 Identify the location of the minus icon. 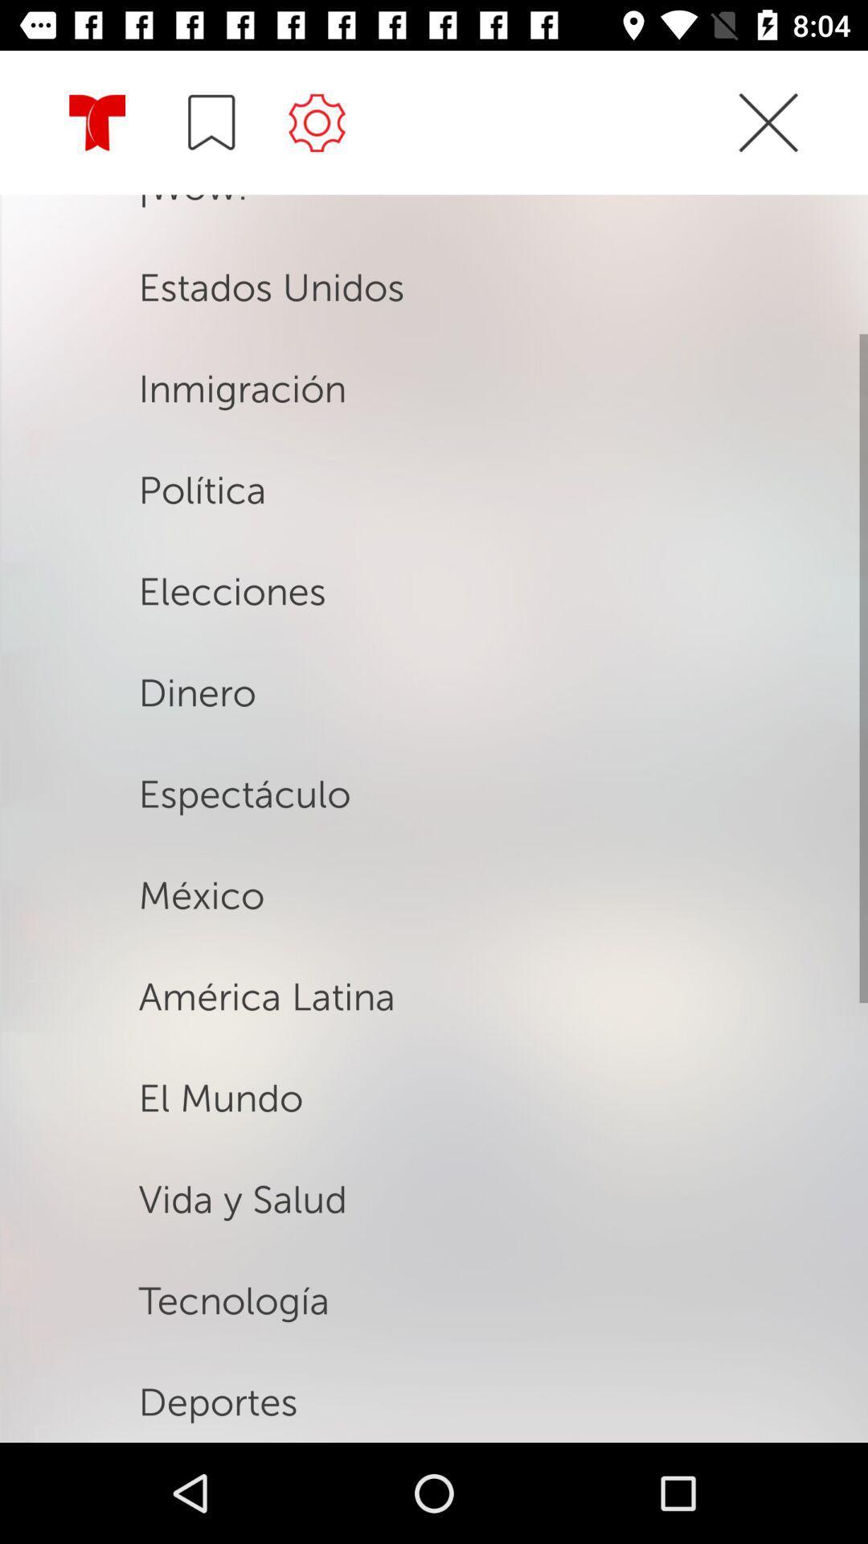
(211, 121).